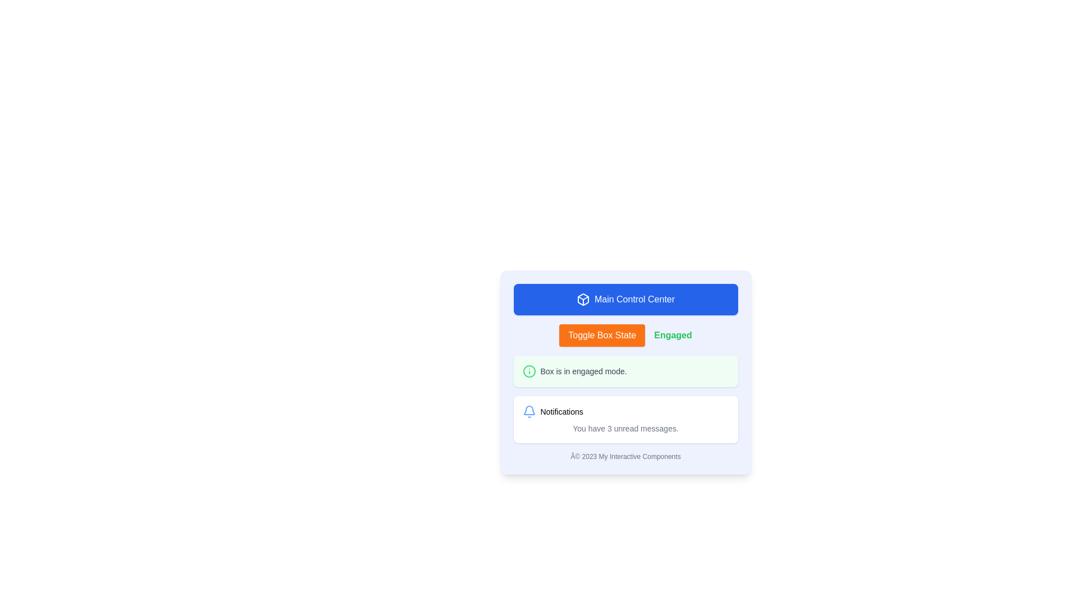  I want to click on the dark blue graphical icon with a white outline representing a 3D box, located in the 'Main Control Center' section at the top of the central panel, so click(583, 299).